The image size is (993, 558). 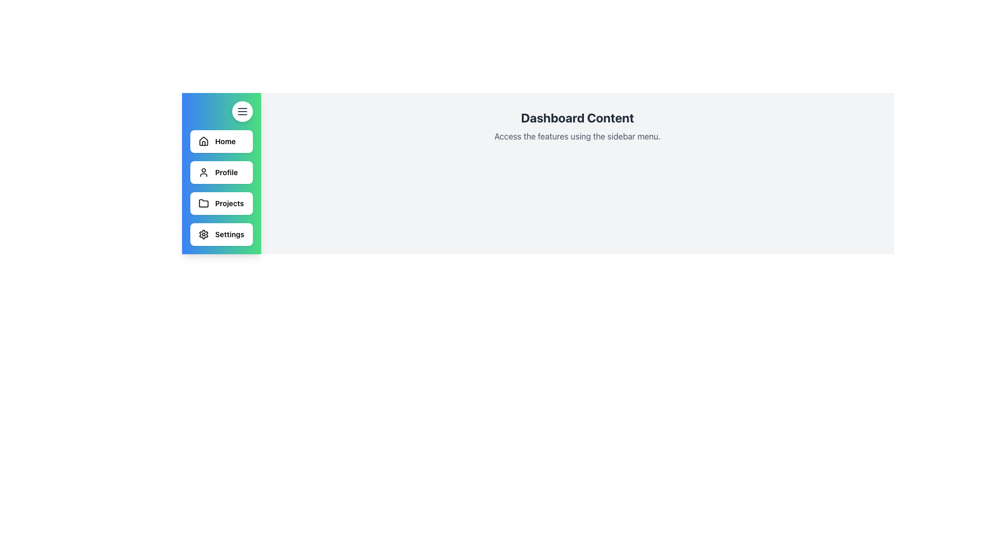 I want to click on the stylized house icon in the sidebar menu, so click(x=203, y=141).